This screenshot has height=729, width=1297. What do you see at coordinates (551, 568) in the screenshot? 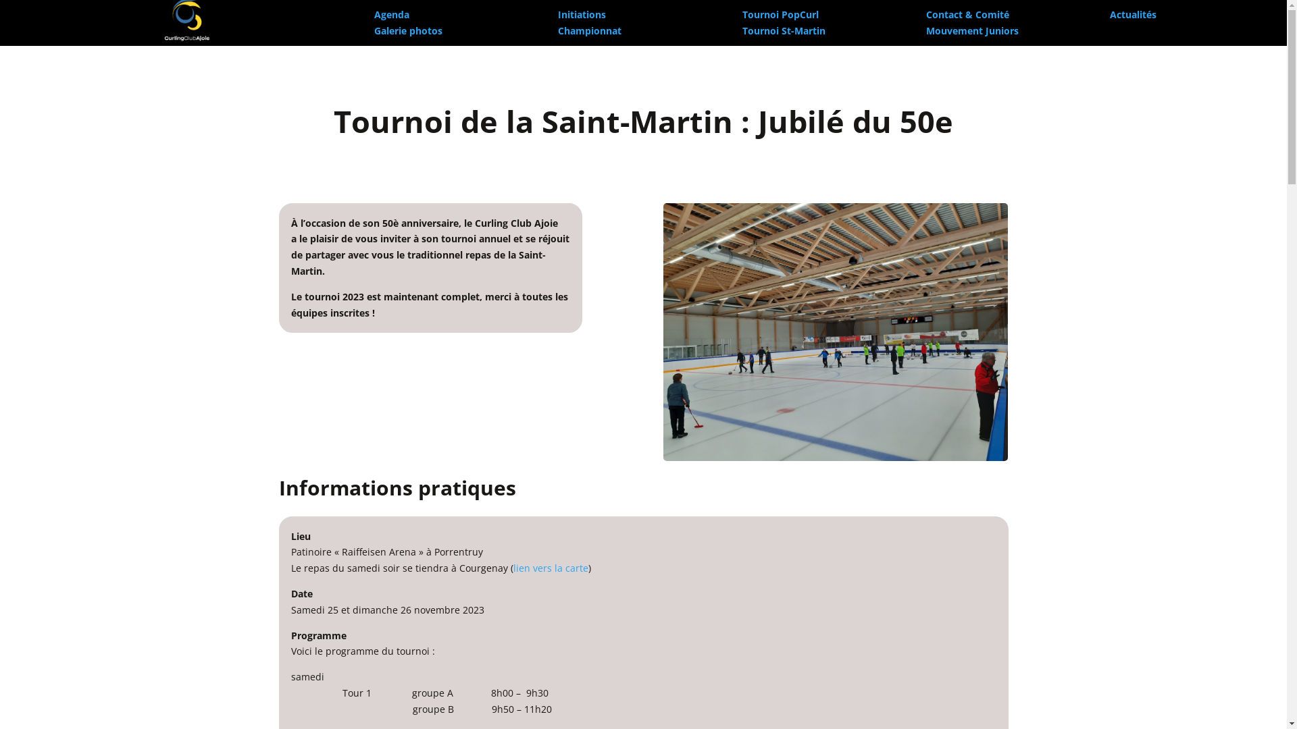
I see `'lien vers la carte'` at bounding box center [551, 568].